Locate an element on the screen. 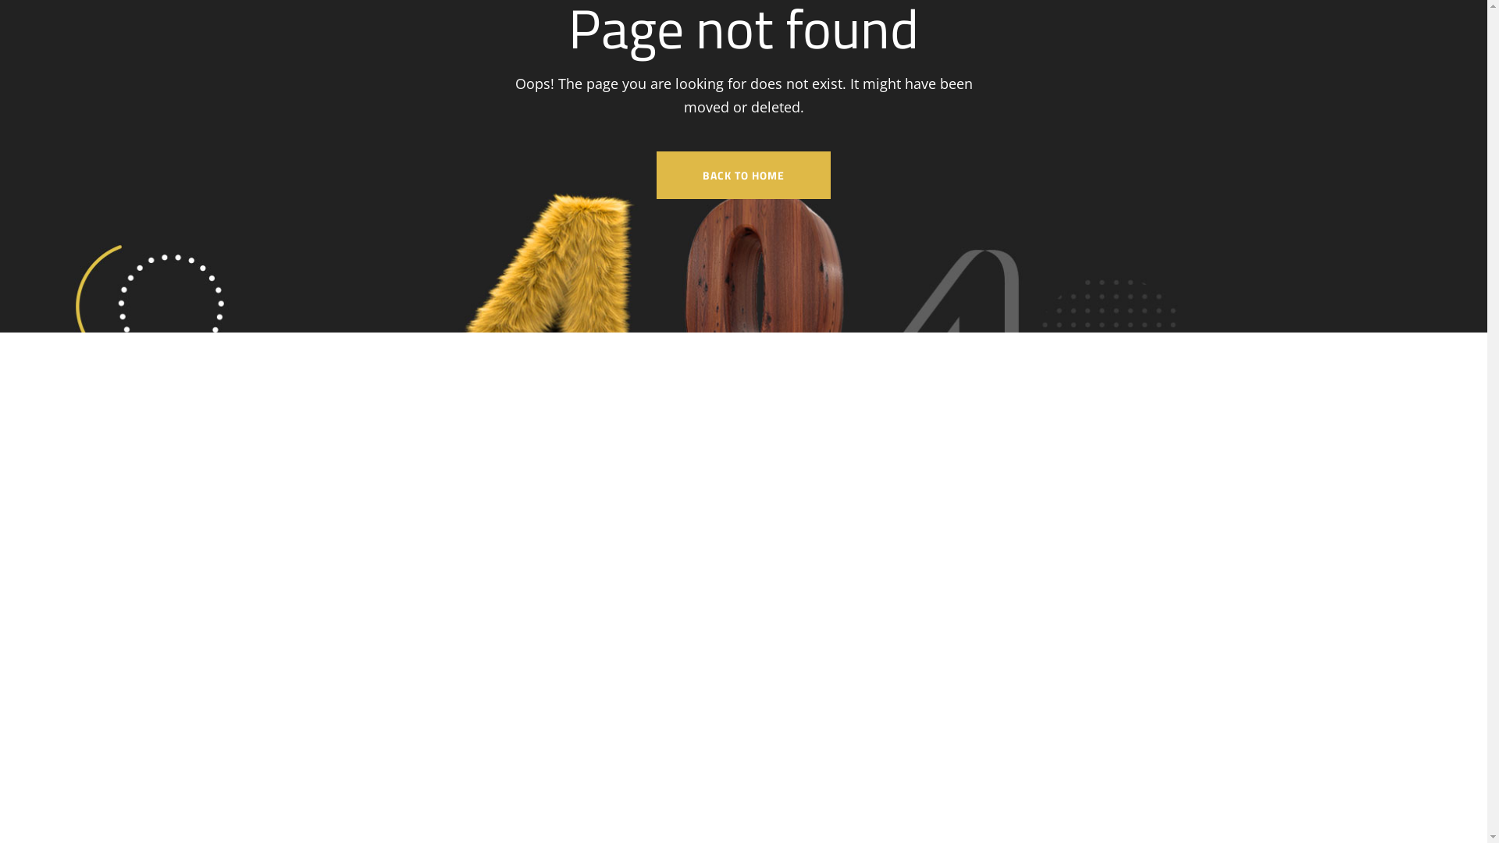 The width and height of the screenshot is (1499, 843). 'BACK TO HOME' is located at coordinates (742, 175).